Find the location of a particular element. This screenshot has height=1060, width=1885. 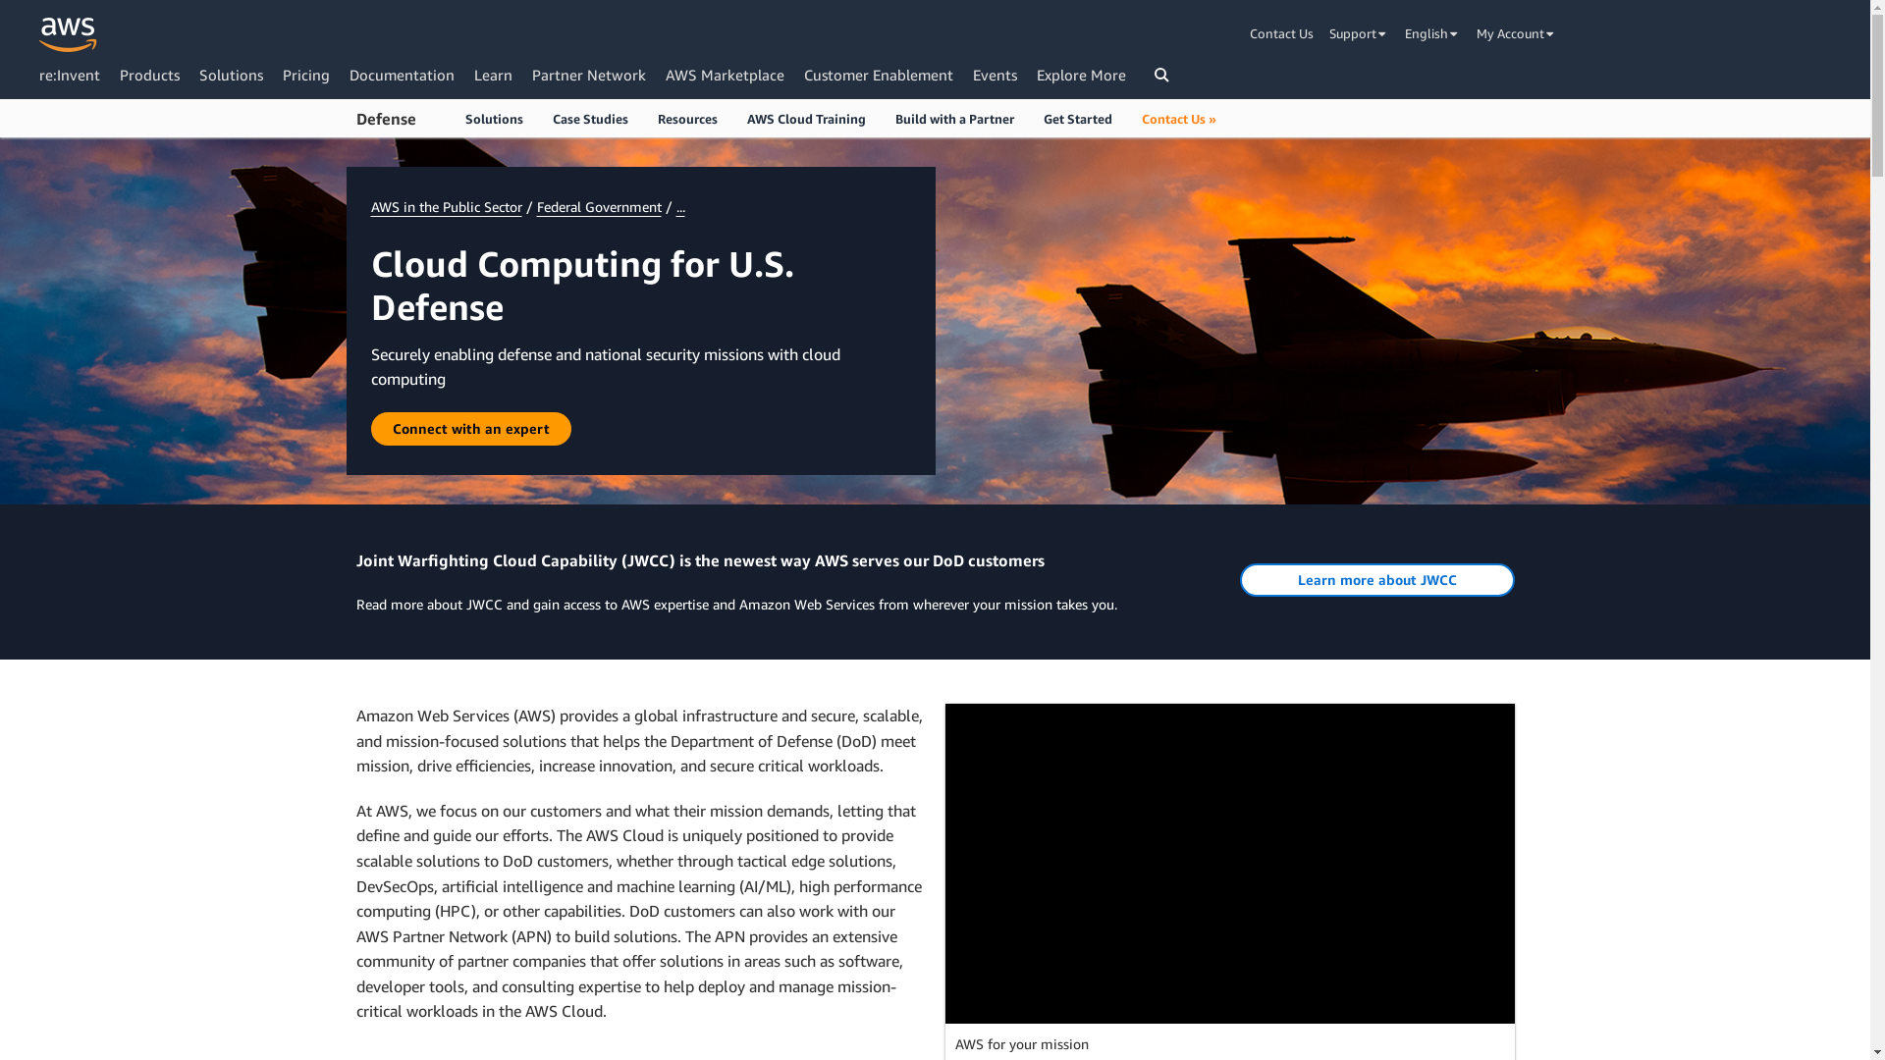

'Build with a Partner' is located at coordinates (953, 118).